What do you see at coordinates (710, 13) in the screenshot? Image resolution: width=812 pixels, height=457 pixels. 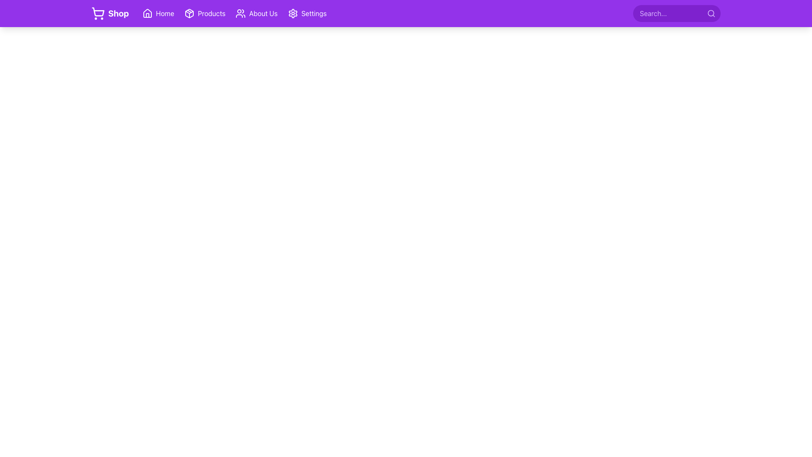 I see `the circular graphic component that represents the lens of the magnifying glass icon located on the right side adjacent to the search text box in the top-right corner of the interface` at bounding box center [710, 13].